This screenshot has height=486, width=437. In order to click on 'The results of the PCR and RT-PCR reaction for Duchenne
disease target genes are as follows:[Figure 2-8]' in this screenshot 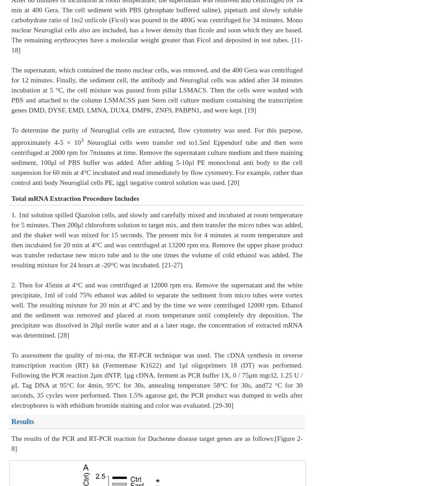, I will do `click(157, 443)`.